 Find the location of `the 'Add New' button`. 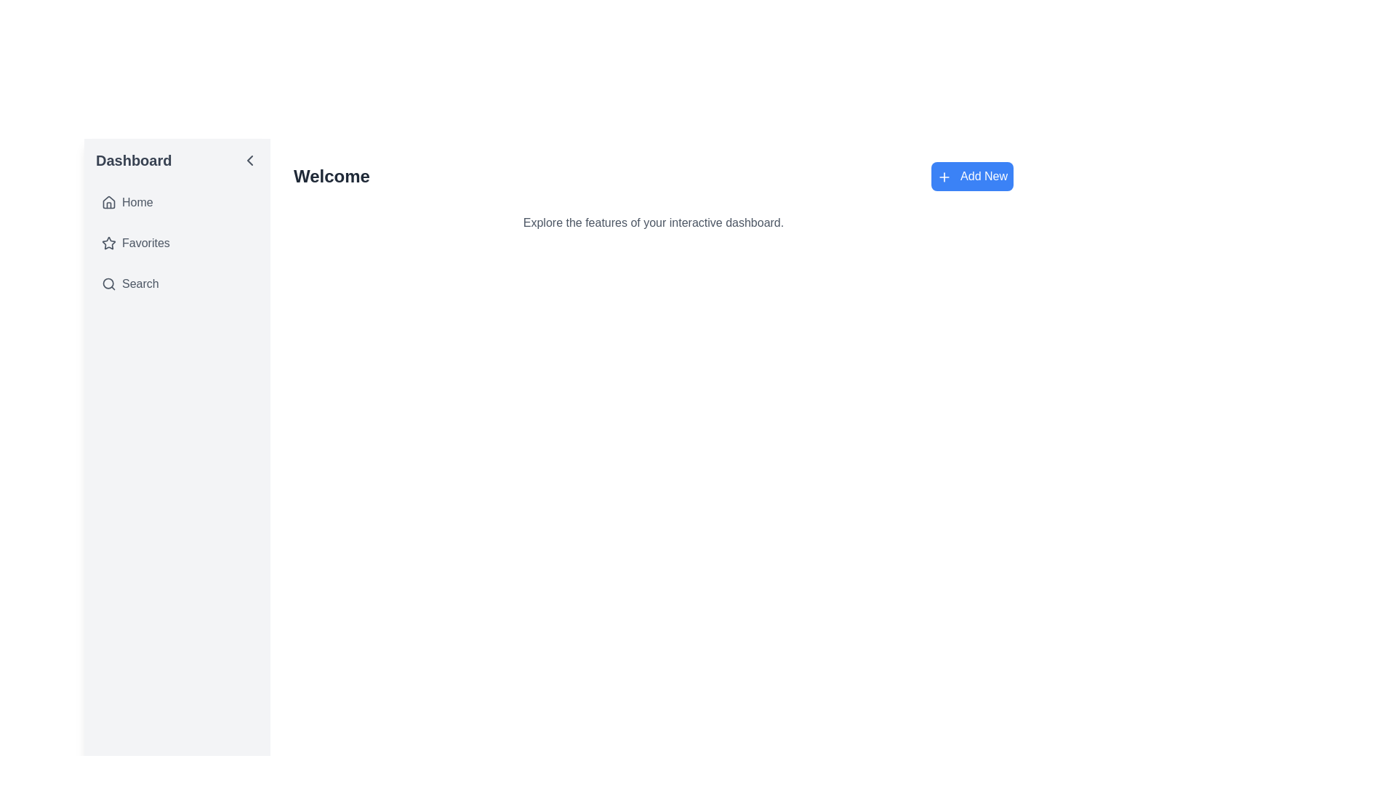

the 'Add New' button is located at coordinates (972, 176).